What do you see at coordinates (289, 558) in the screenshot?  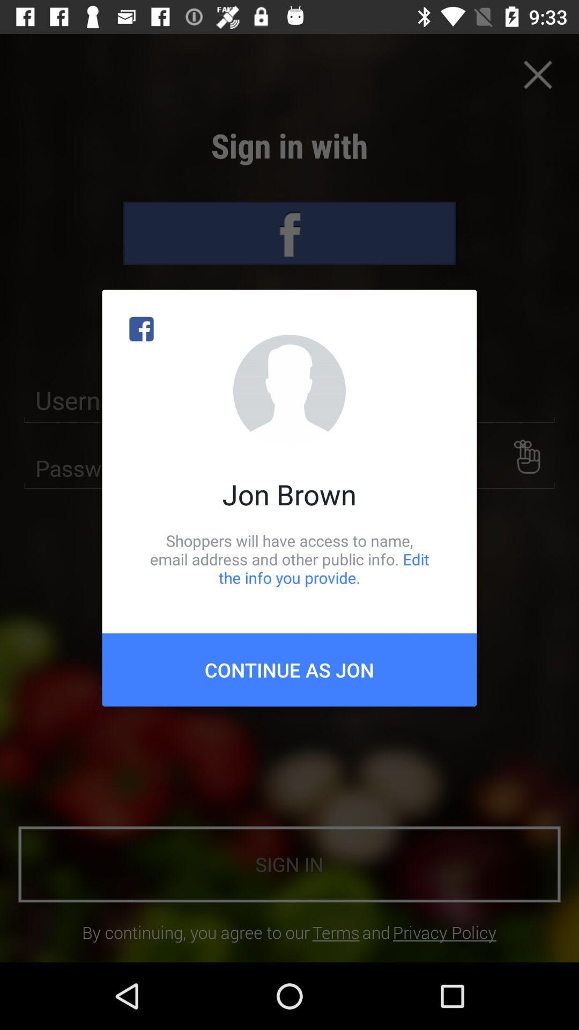 I see `shoppers will have` at bounding box center [289, 558].